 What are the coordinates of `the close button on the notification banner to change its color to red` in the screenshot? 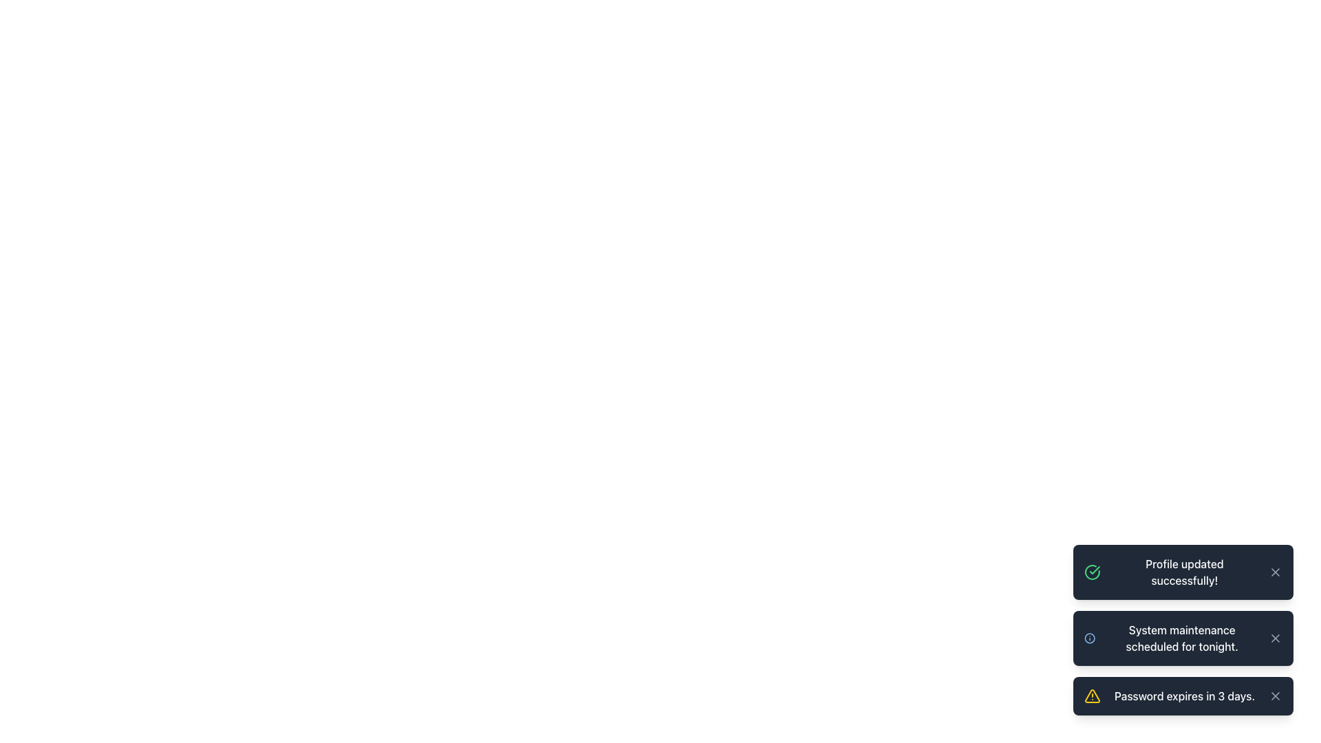 It's located at (1274, 696).